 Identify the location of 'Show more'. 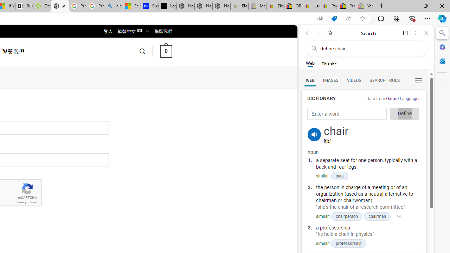
(397, 216).